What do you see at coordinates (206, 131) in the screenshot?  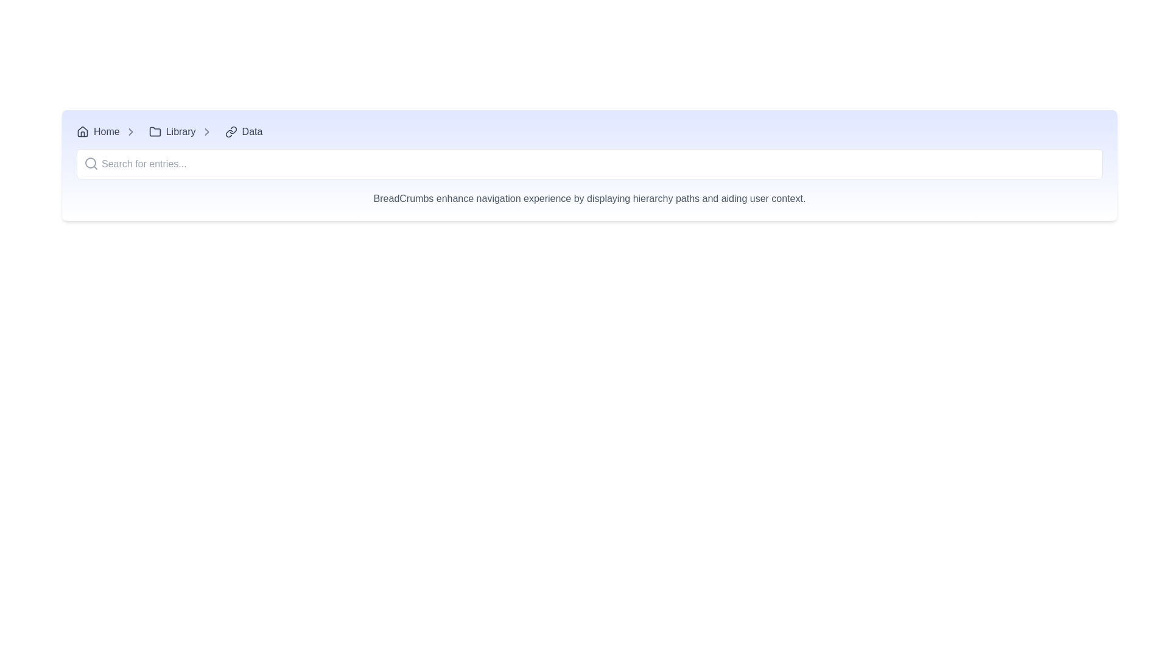 I see `the right-facing chevron icon in the breadcrumb navigation bar, which is positioned between the 'Library' and 'Data' text labels, indicating their hierarchical relationship` at bounding box center [206, 131].